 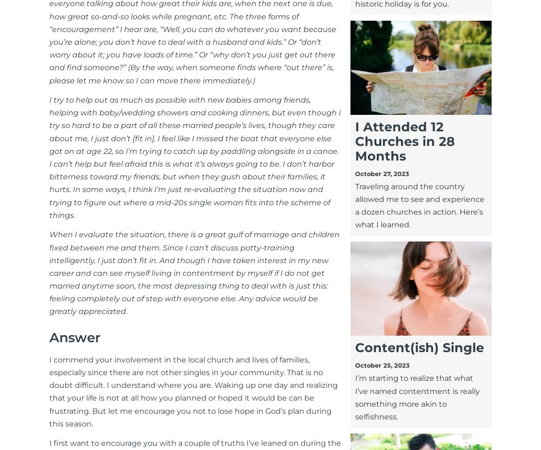 What do you see at coordinates (381, 173) in the screenshot?
I see `'October 27, 2023'` at bounding box center [381, 173].